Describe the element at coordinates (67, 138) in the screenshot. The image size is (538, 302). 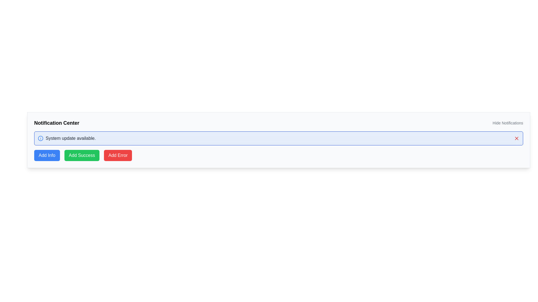
I see `the informational message text that displays 'System update available.' located below the 'Notification Center' heading and aligned with the info icon` at that location.